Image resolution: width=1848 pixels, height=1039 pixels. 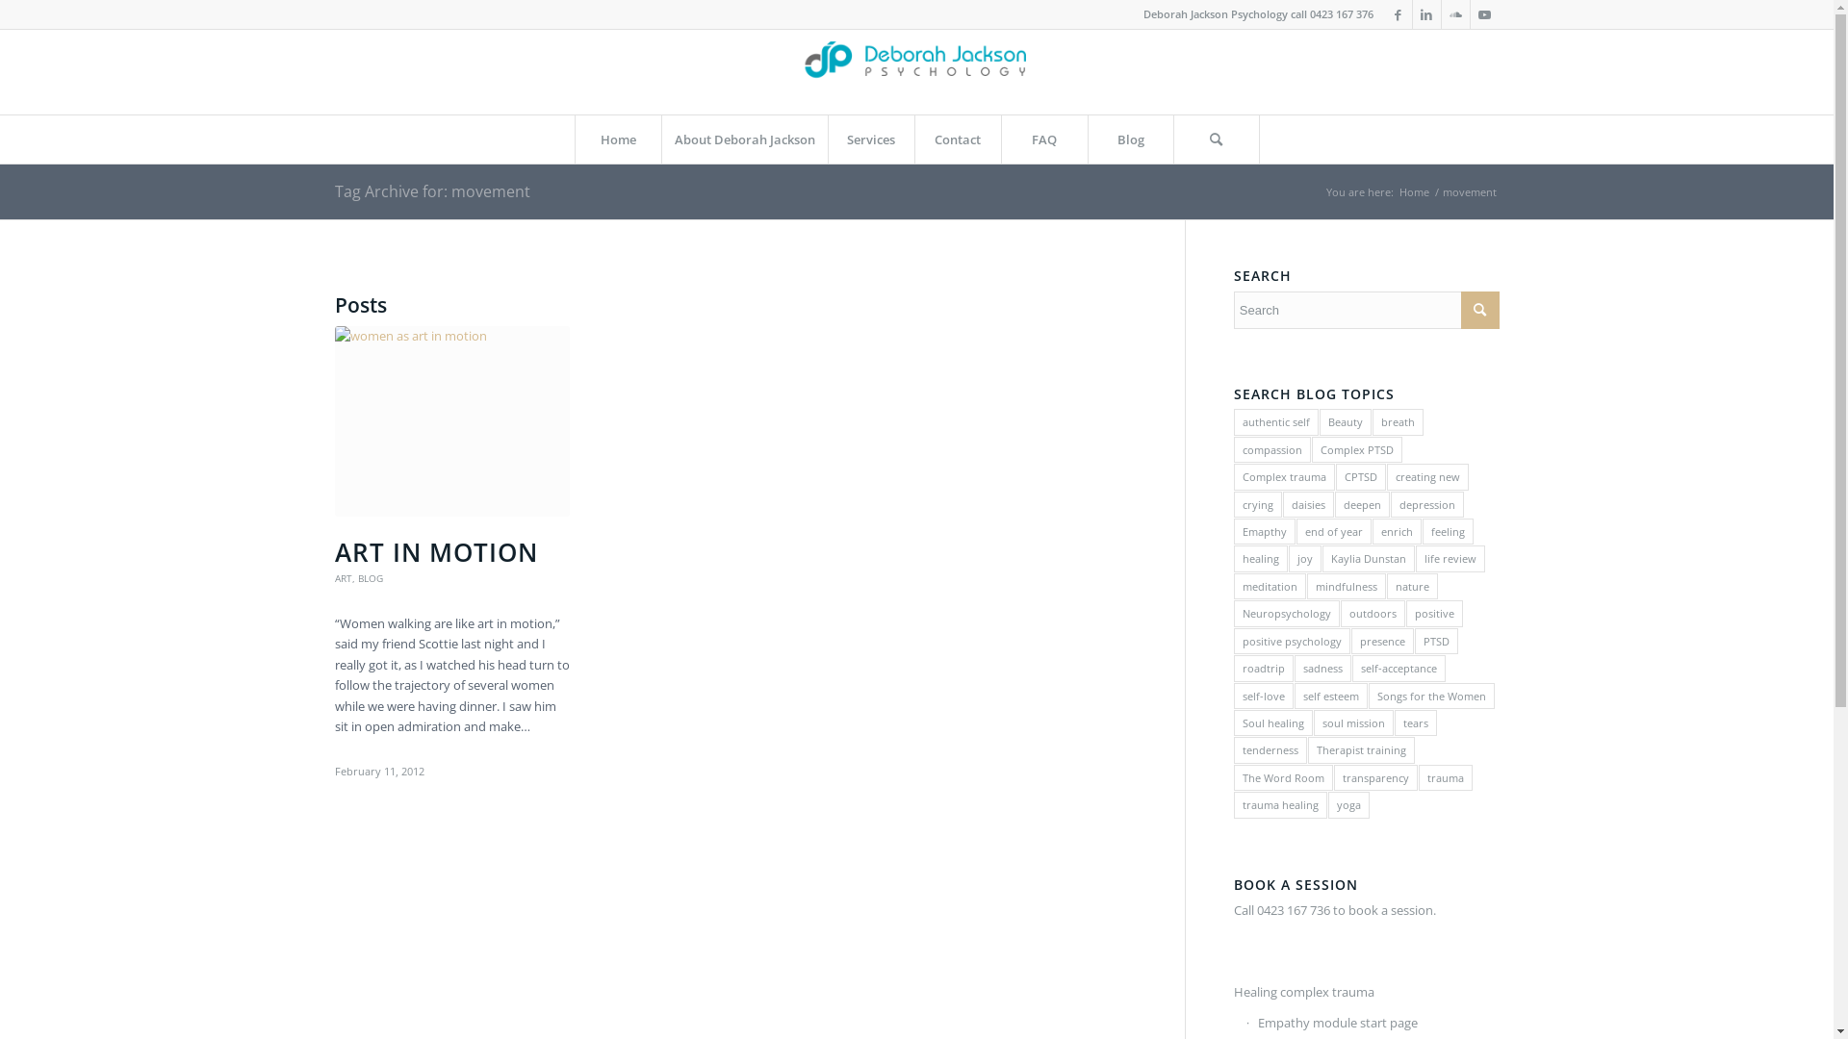 What do you see at coordinates (1270, 748) in the screenshot?
I see `'tenderness'` at bounding box center [1270, 748].